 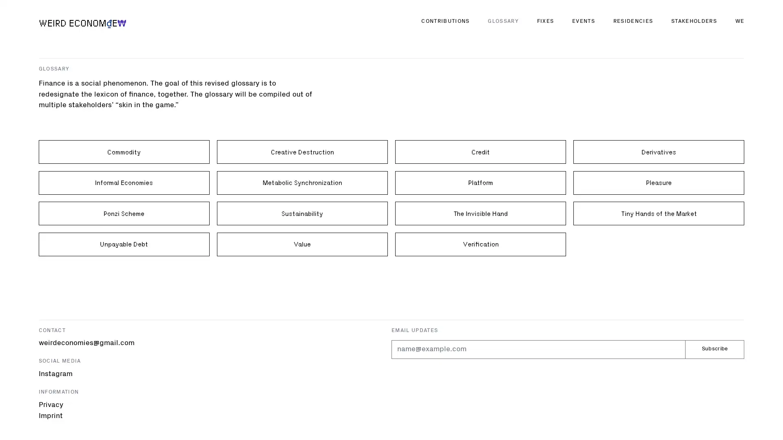 I want to click on Subscribe, so click(x=714, y=349).